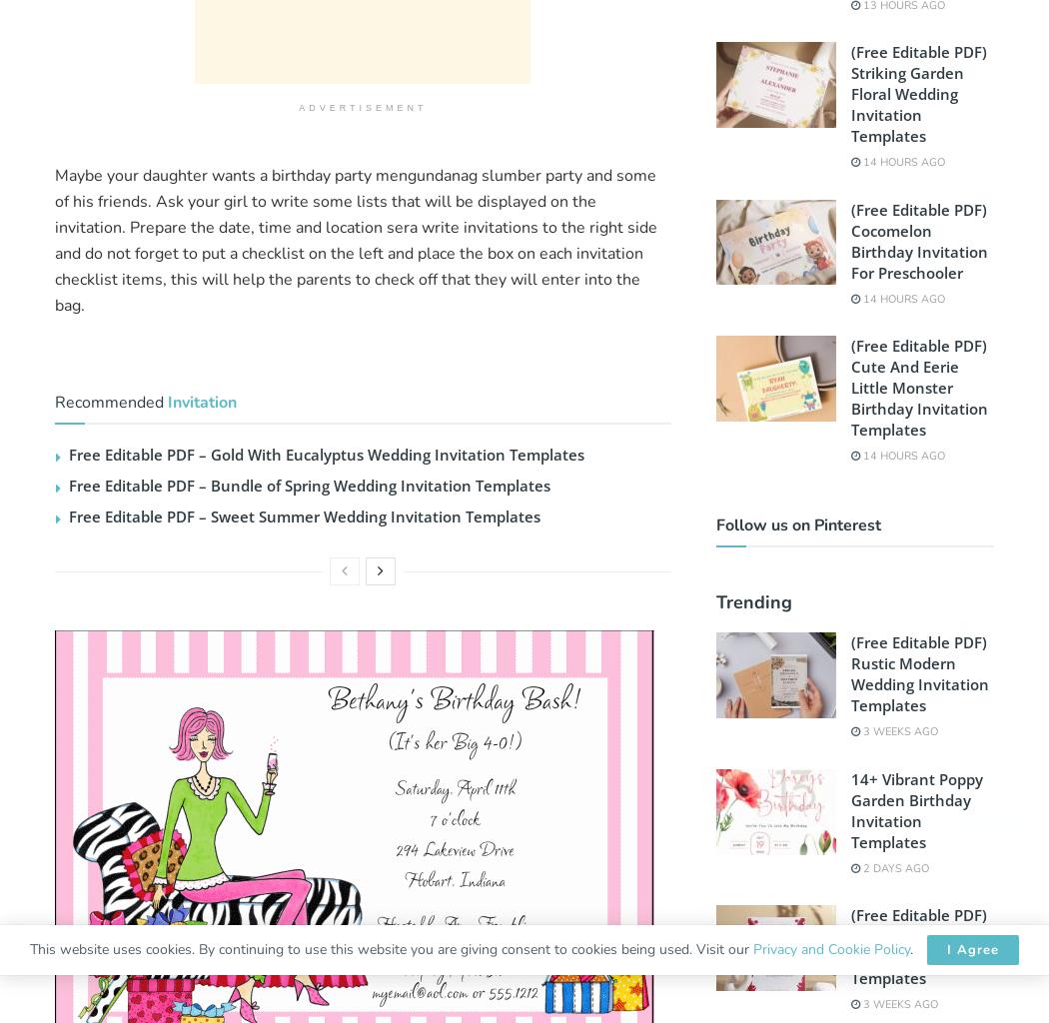 The image size is (1049, 1023). What do you see at coordinates (108, 279) in the screenshot?
I see `'checklist items'` at bounding box center [108, 279].